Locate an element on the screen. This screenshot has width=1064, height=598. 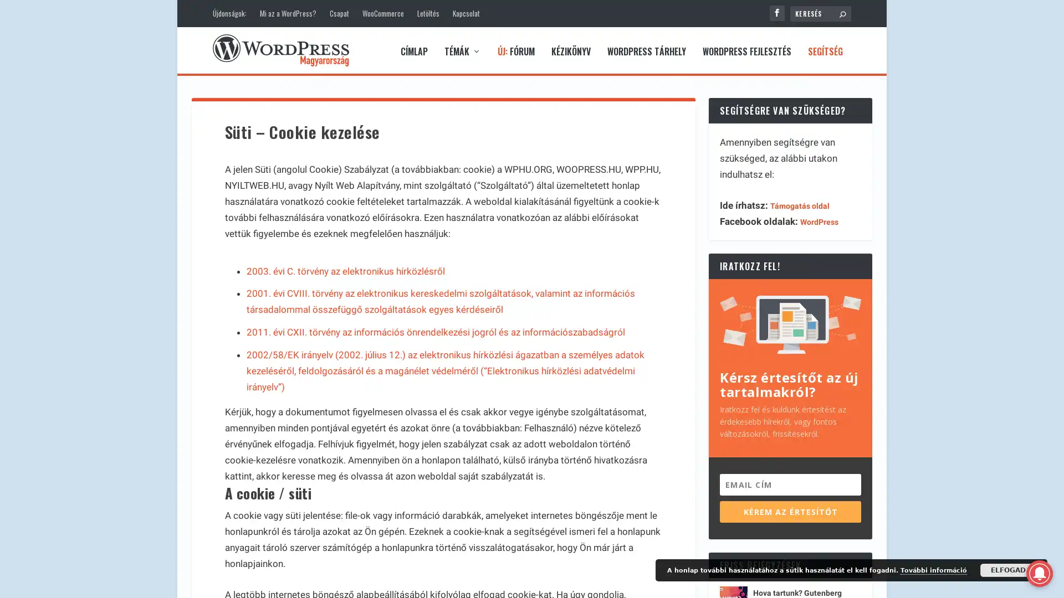
ELFOGAD is located at coordinates (1008, 570).